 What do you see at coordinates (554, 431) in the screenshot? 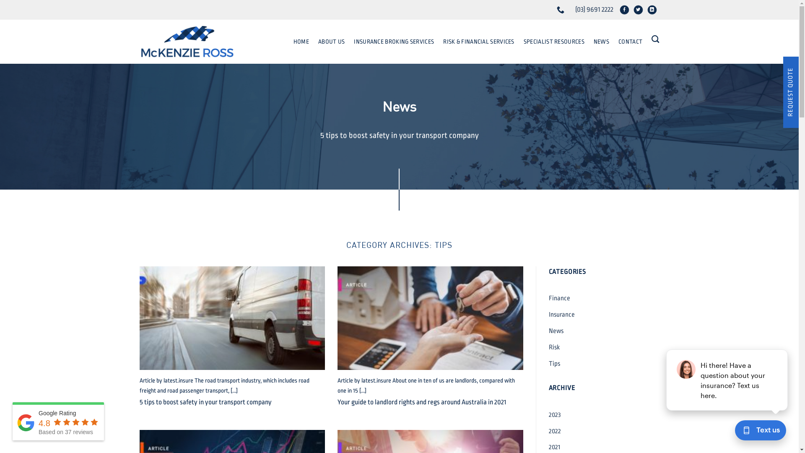
I see `'2022'` at bounding box center [554, 431].